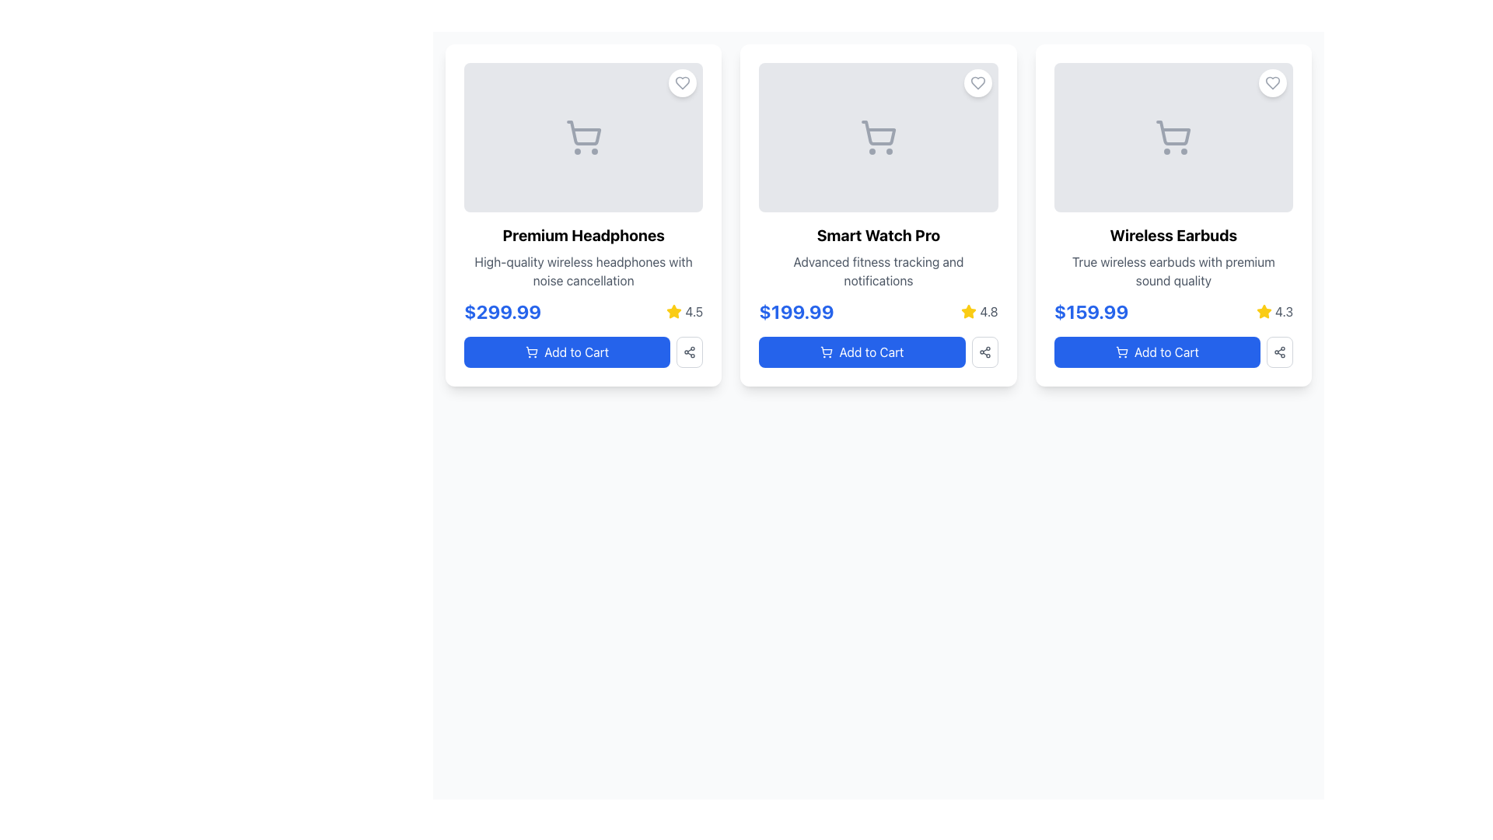 This screenshot has width=1493, height=840. What do you see at coordinates (1280, 352) in the screenshot?
I see `the share icon located in the bottom-right portion of the wireless earbuds product card` at bounding box center [1280, 352].